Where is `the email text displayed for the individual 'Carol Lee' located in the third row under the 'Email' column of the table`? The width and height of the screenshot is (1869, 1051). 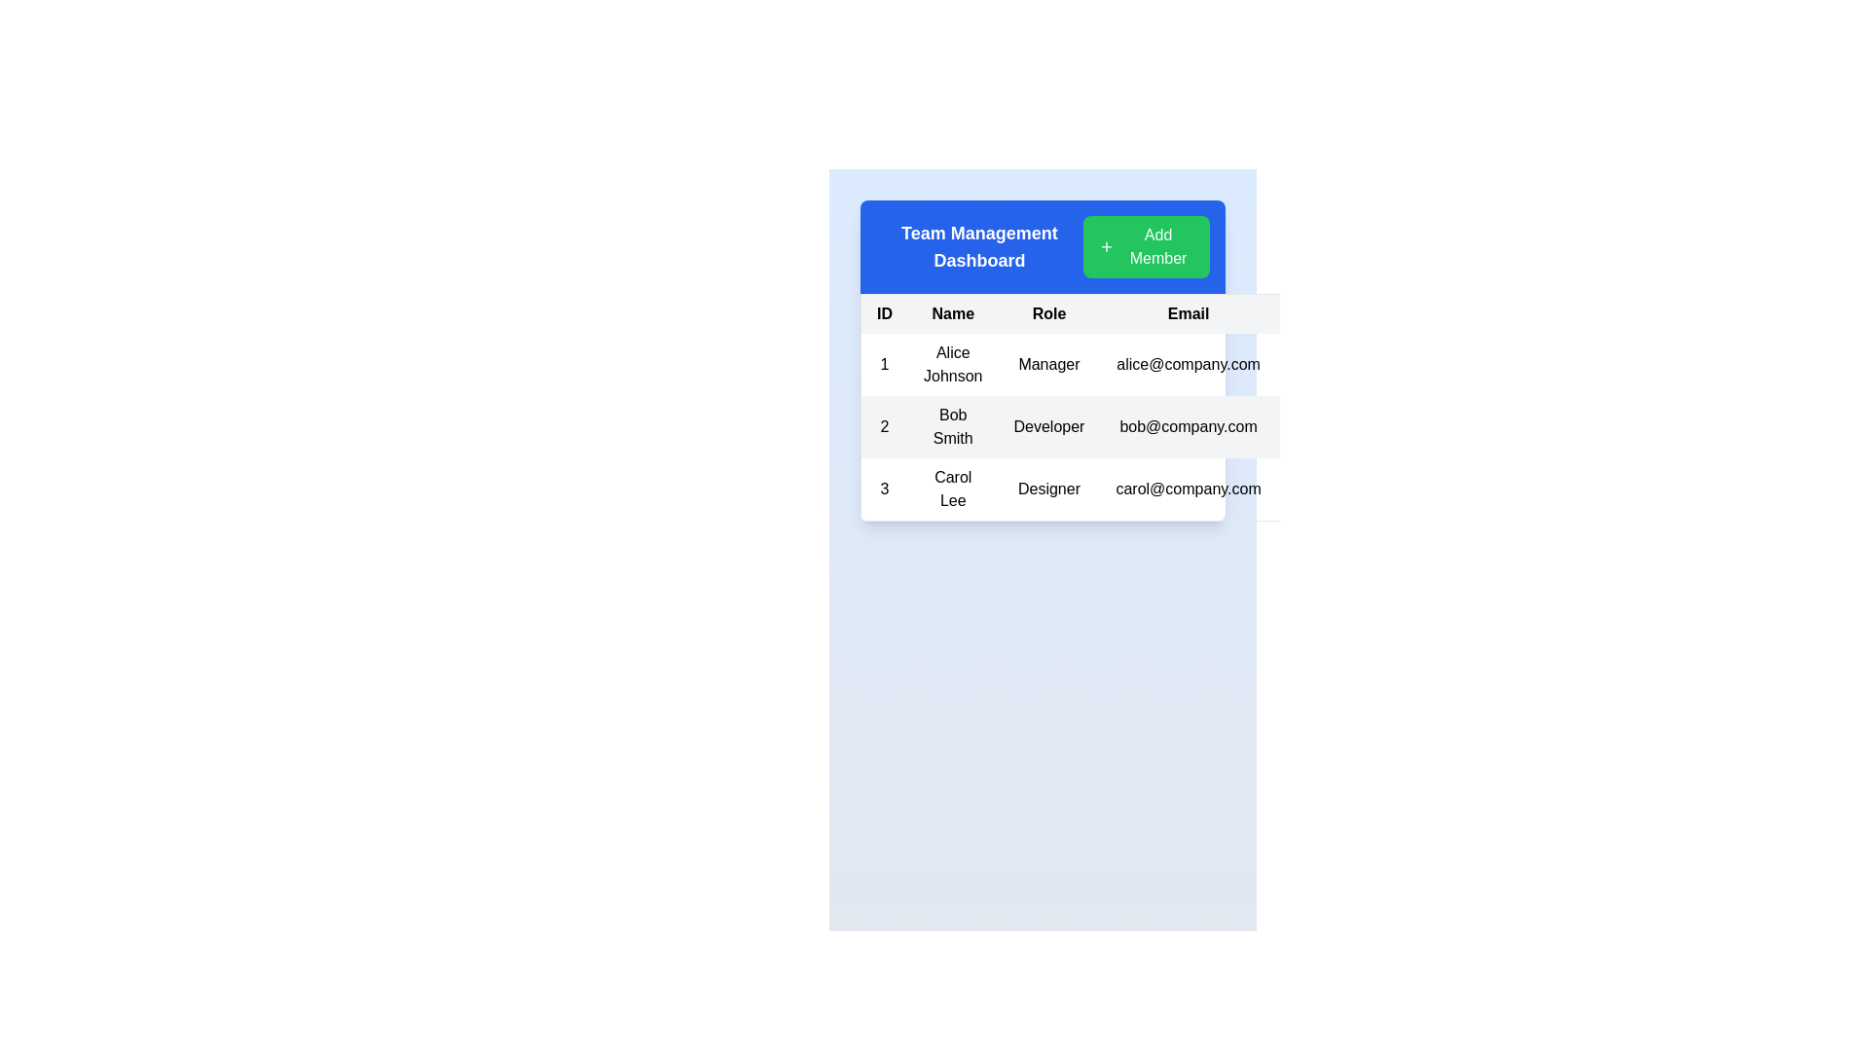
the email text displayed for the individual 'Carol Lee' located in the third row under the 'Email' column of the table is located at coordinates (1188, 489).